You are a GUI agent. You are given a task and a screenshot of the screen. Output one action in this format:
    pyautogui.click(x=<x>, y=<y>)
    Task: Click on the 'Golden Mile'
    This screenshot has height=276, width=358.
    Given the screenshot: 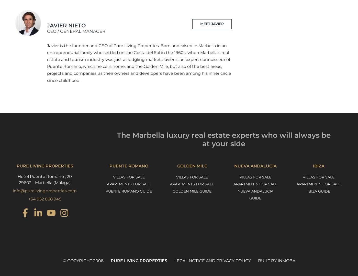 What is the action you would take?
    pyautogui.click(x=192, y=166)
    